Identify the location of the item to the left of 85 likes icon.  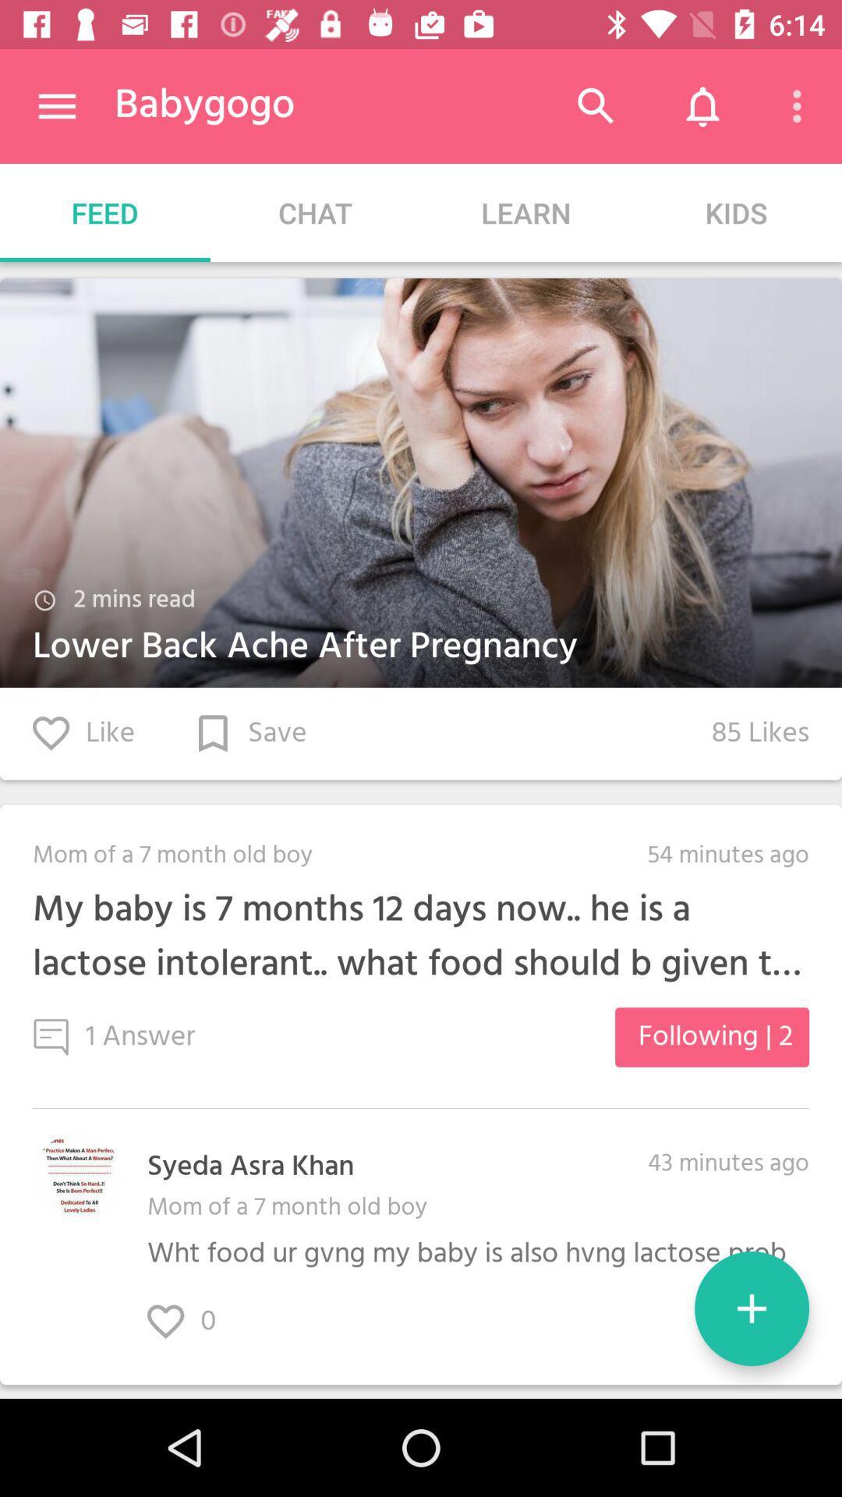
(83, 733).